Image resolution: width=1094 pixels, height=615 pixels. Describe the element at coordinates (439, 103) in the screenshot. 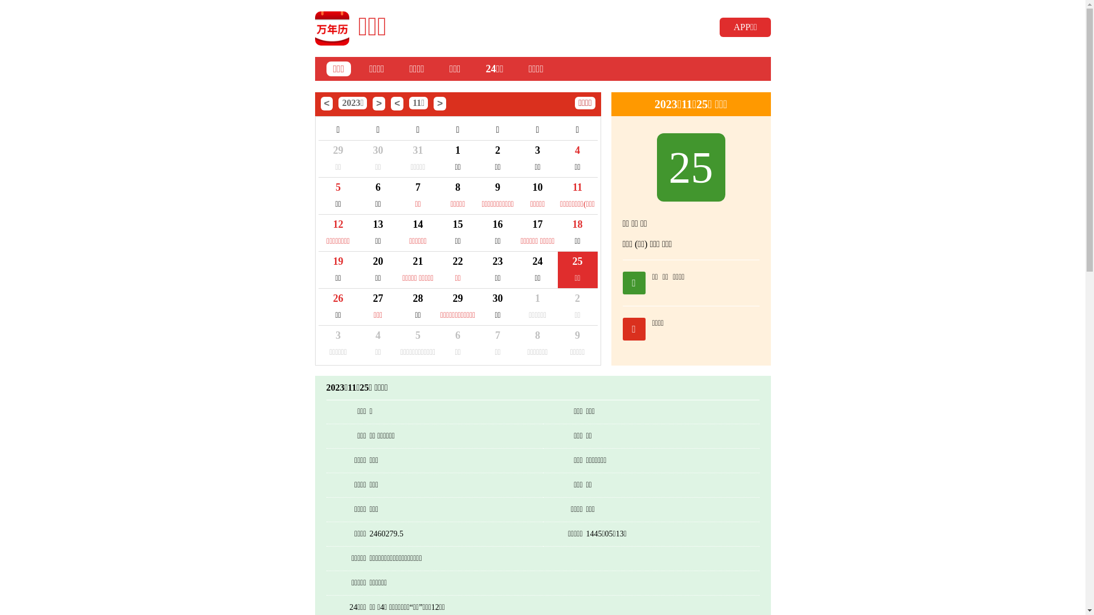

I see `'>'` at that location.